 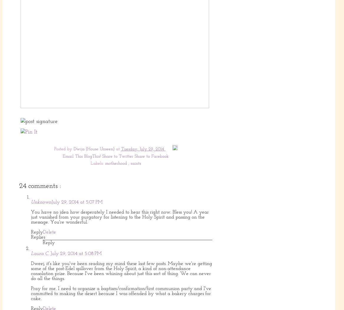 What do you see at coordinates (130, 164) in the screenshot?
I see `'saints'` at bounding box center [130, 164].